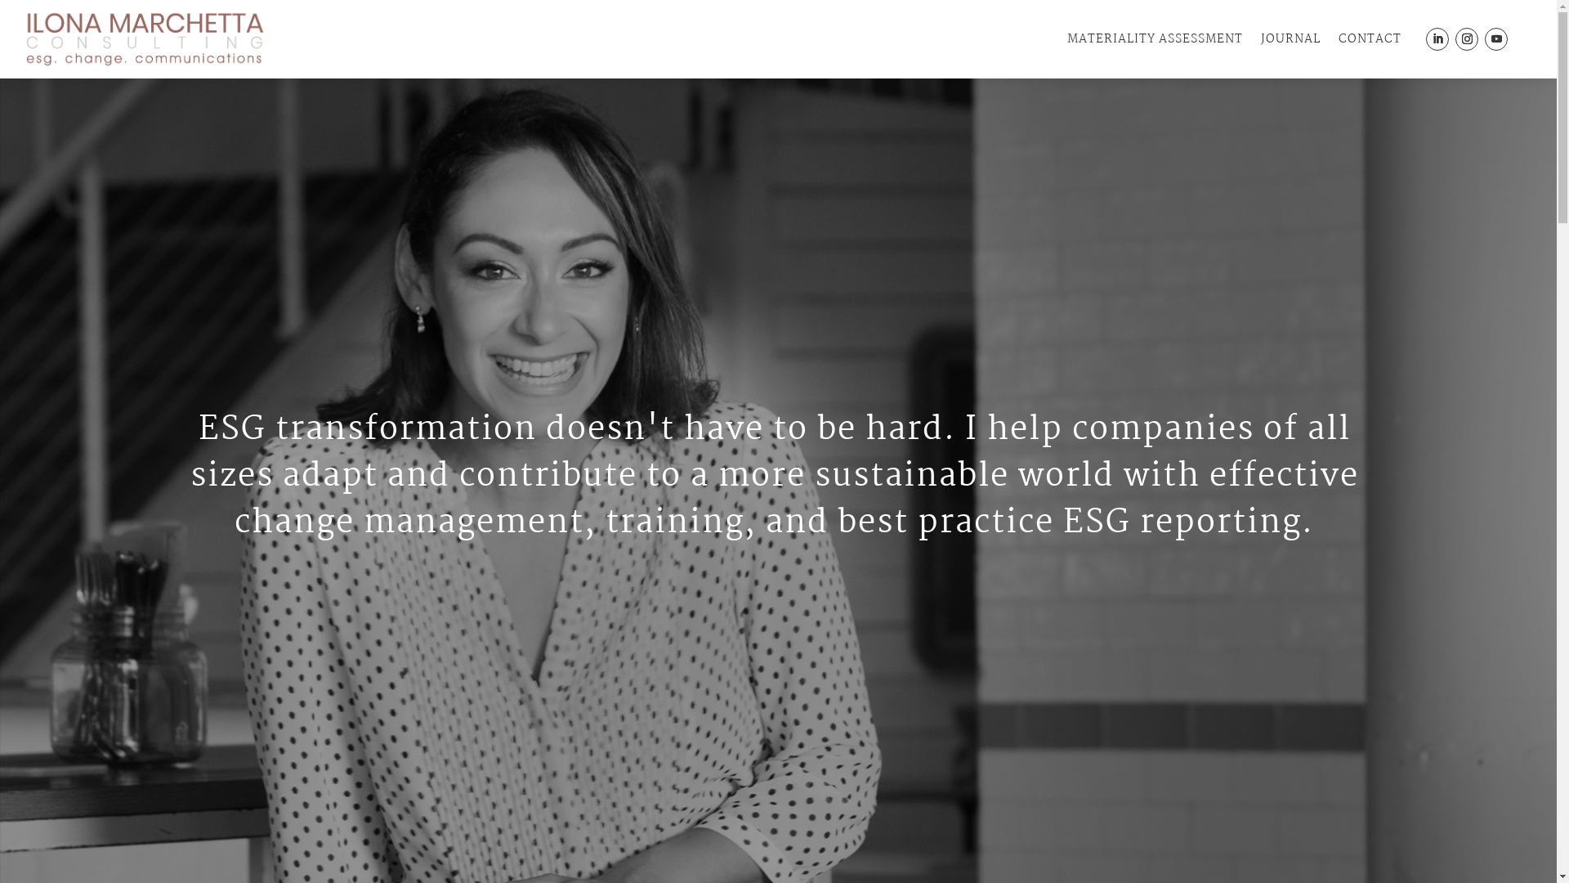 The height and width of the screenshot is (883, 1569). Describe the element at coordinates (1425, 38) in the screenshot. I see `'Follow on LinkedIn'` at that location.